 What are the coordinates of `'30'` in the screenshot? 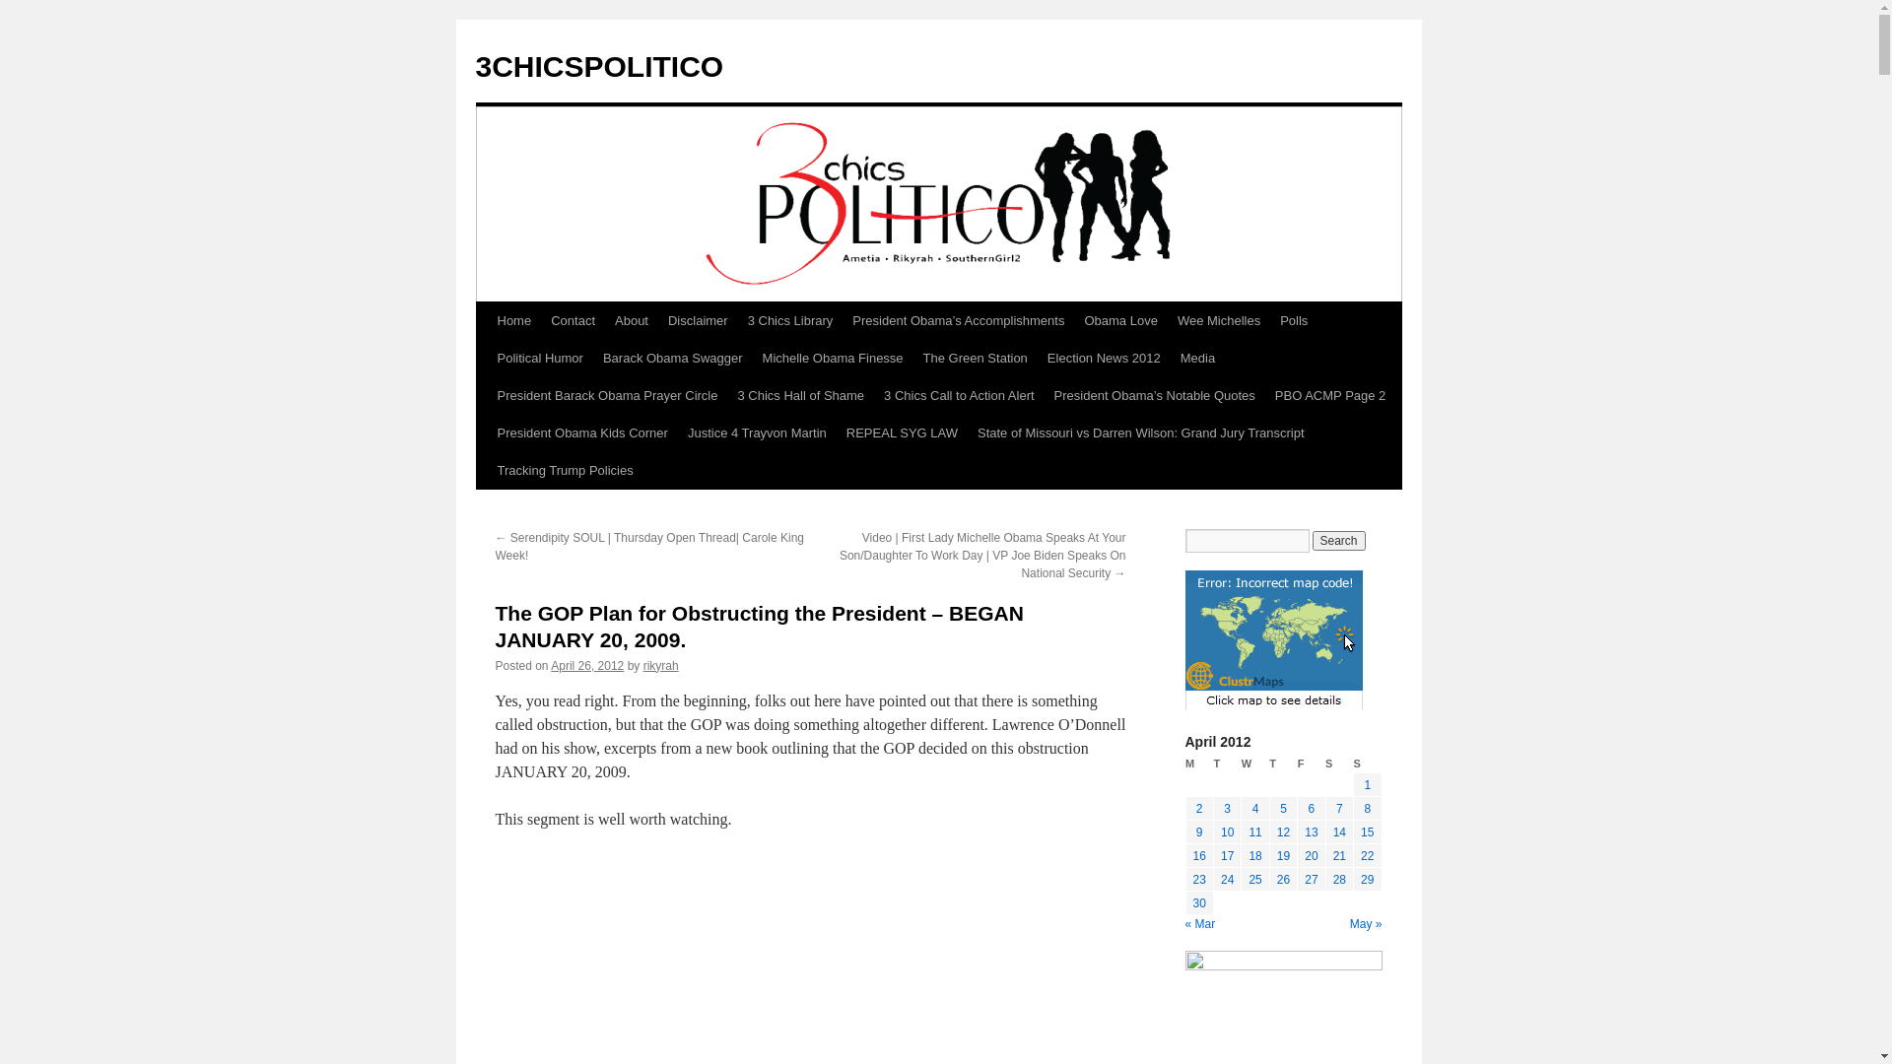 It's located at (1198, 903).